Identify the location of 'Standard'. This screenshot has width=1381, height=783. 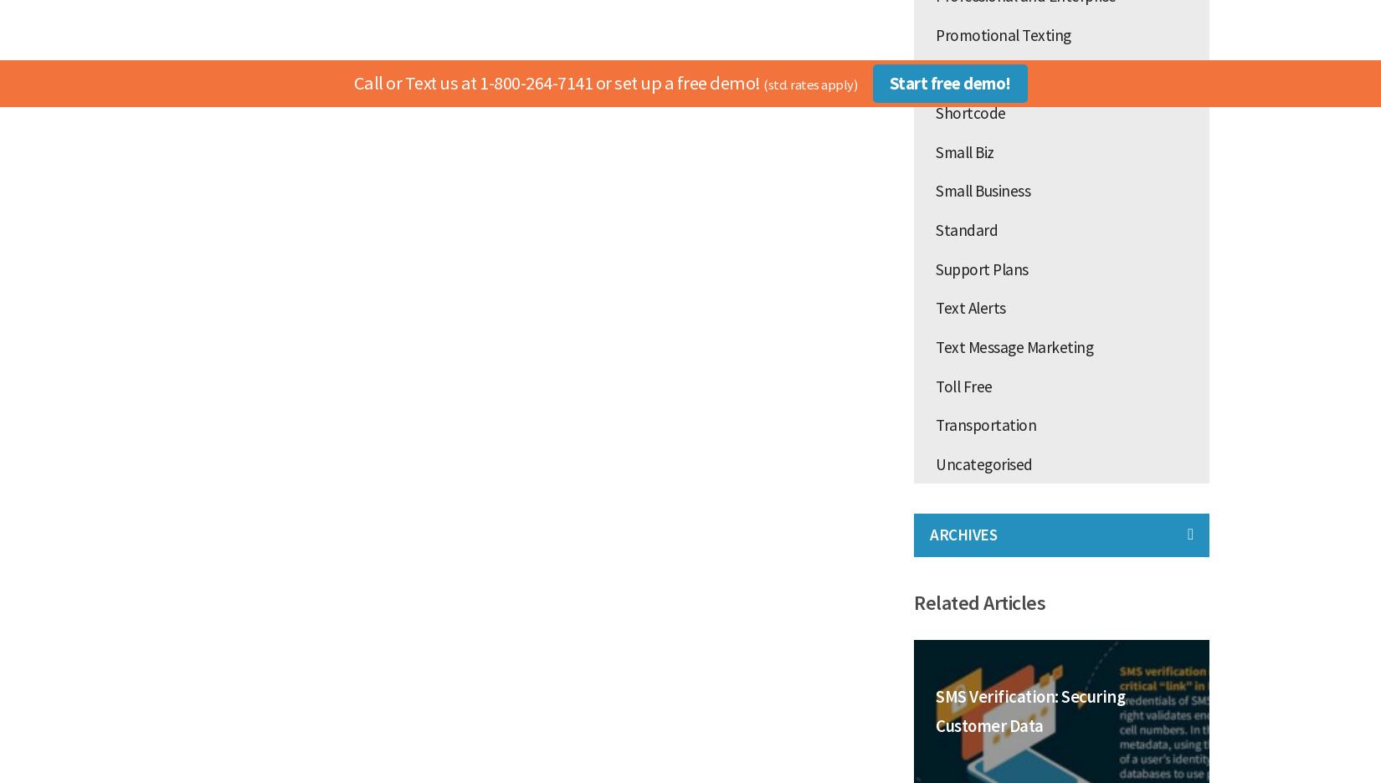
(936, 229).